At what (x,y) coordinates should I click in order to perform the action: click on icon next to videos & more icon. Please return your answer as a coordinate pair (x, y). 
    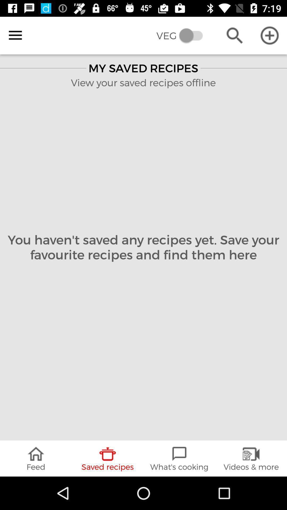
    Looking at the image, I should click on (179, 458).